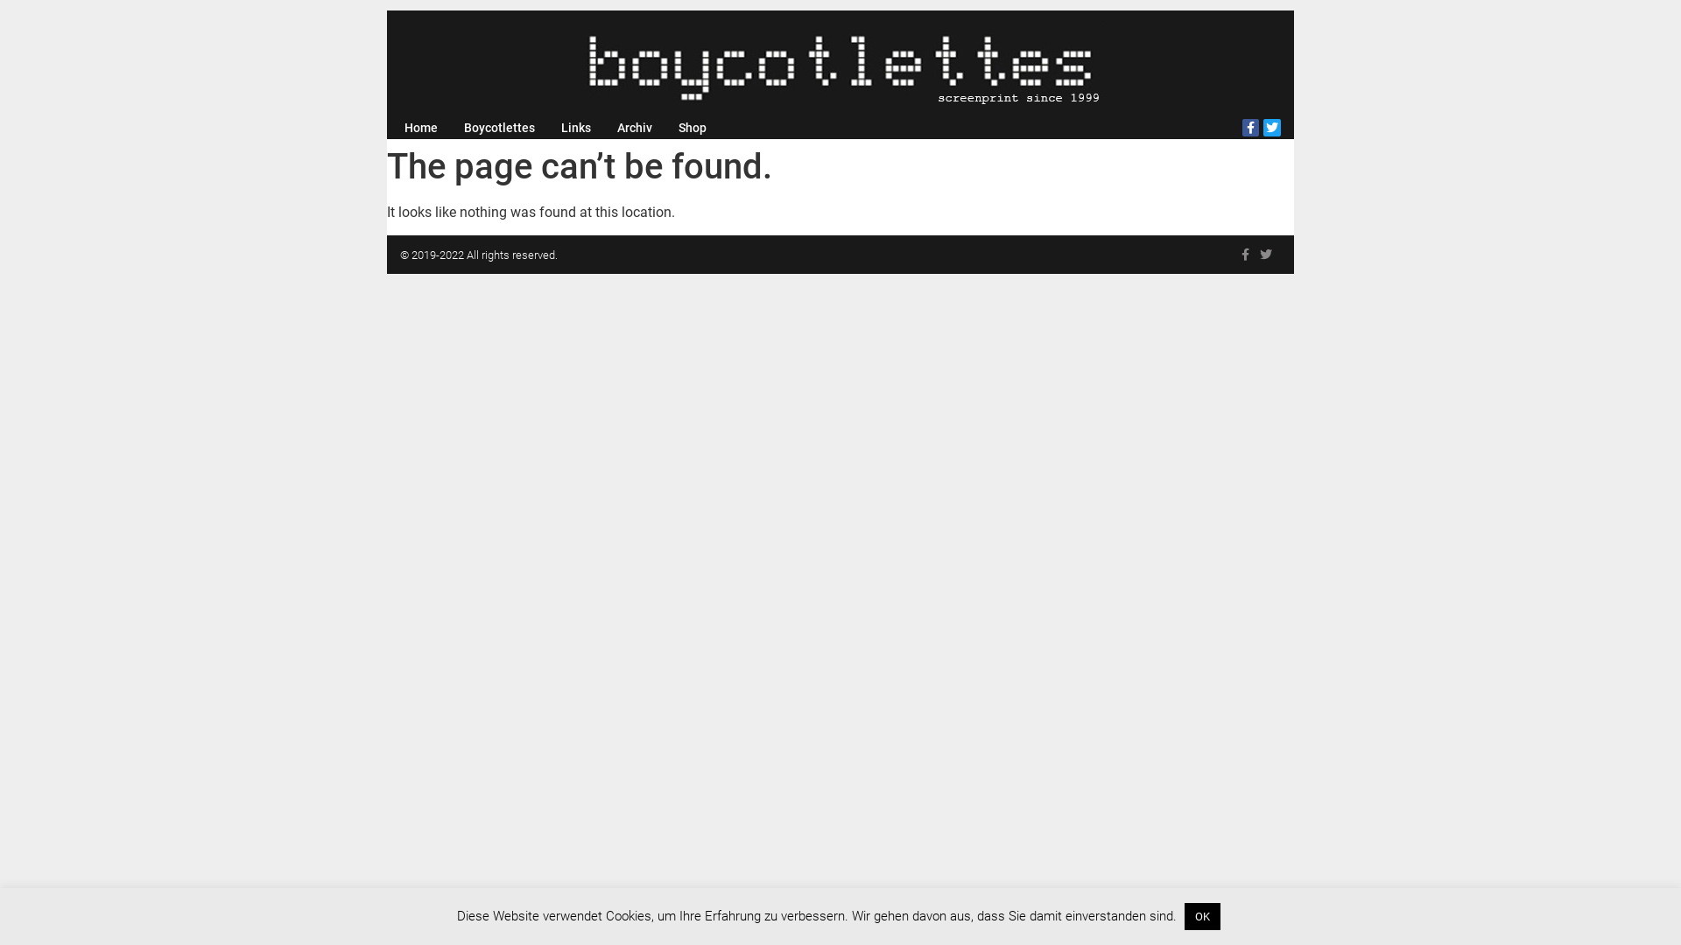  What do you see at coordinates (498, 127) in the screenshot?
I see `'Boycotlettes'` at bounding box center [498, 127].